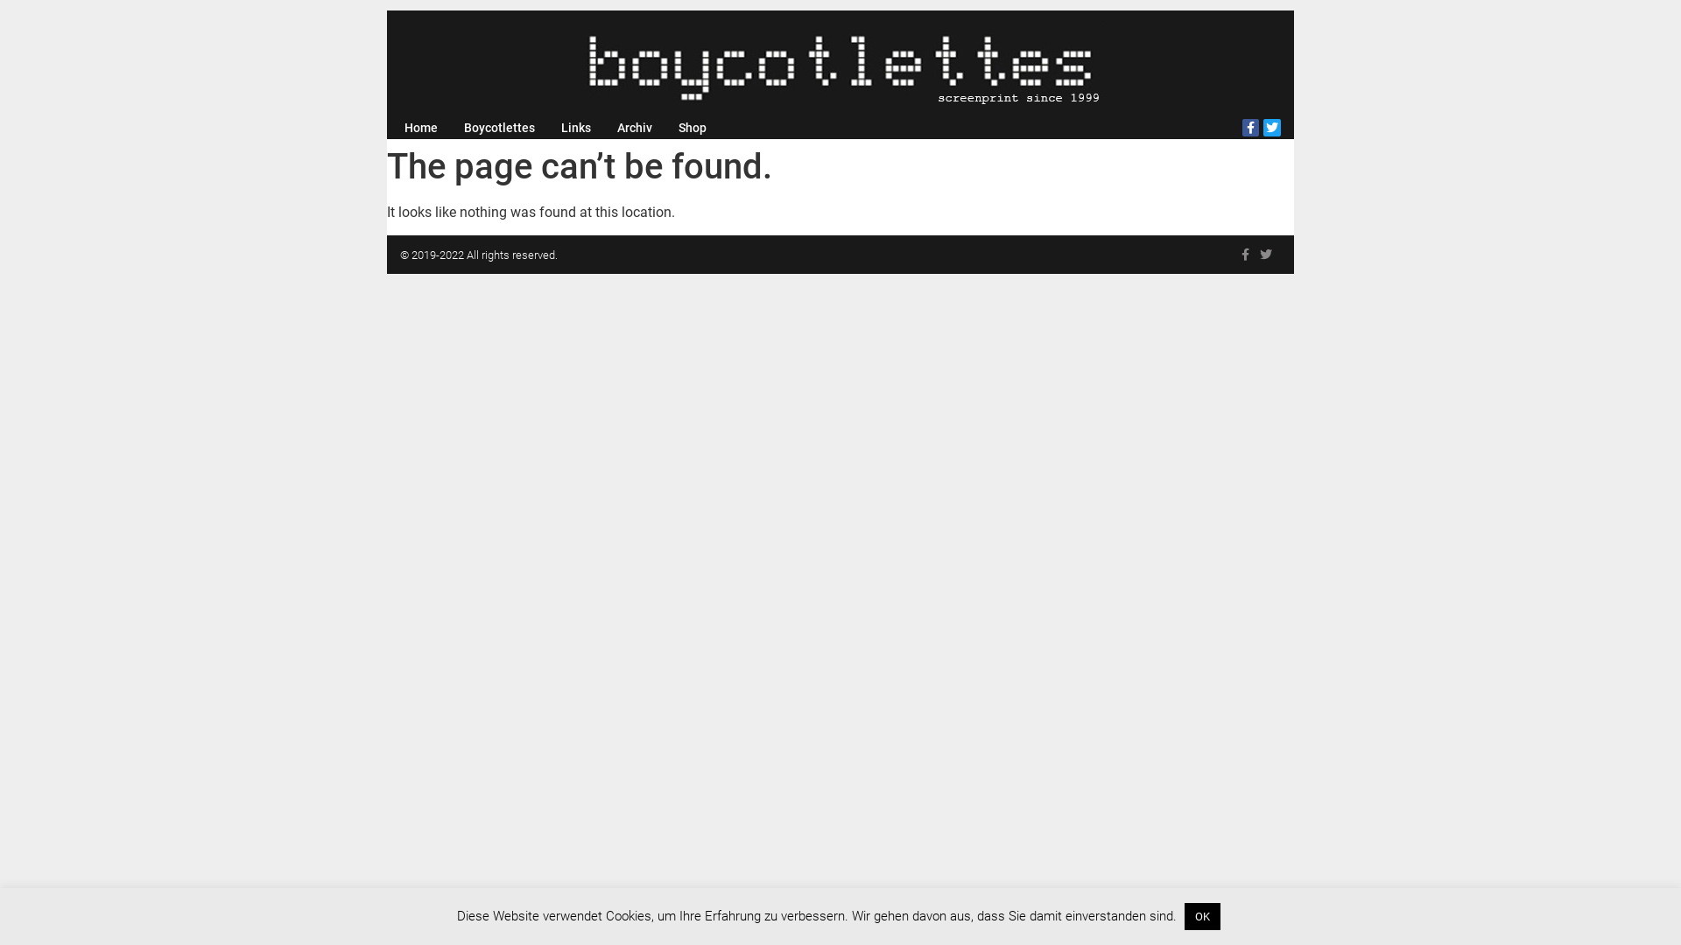  What do you see at coordinates (498, 127) in the screenshot?
I see `'Boycotlettes'` at bounding box center [498, 127].